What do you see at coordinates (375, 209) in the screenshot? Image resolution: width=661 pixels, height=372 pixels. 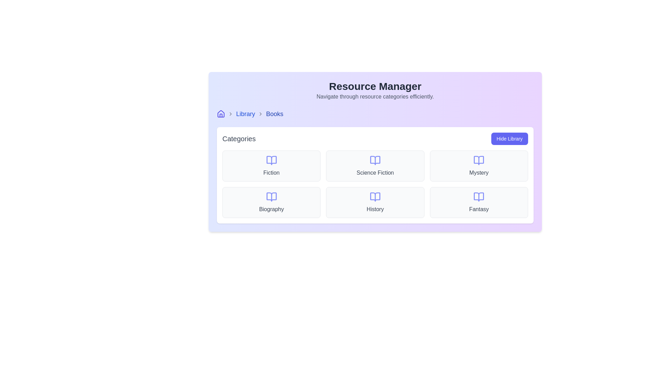 I see `Text Label that represents the category labeled 'History' located in the last row, second column of the 'Categories' section` at bounding box center [375, 209].